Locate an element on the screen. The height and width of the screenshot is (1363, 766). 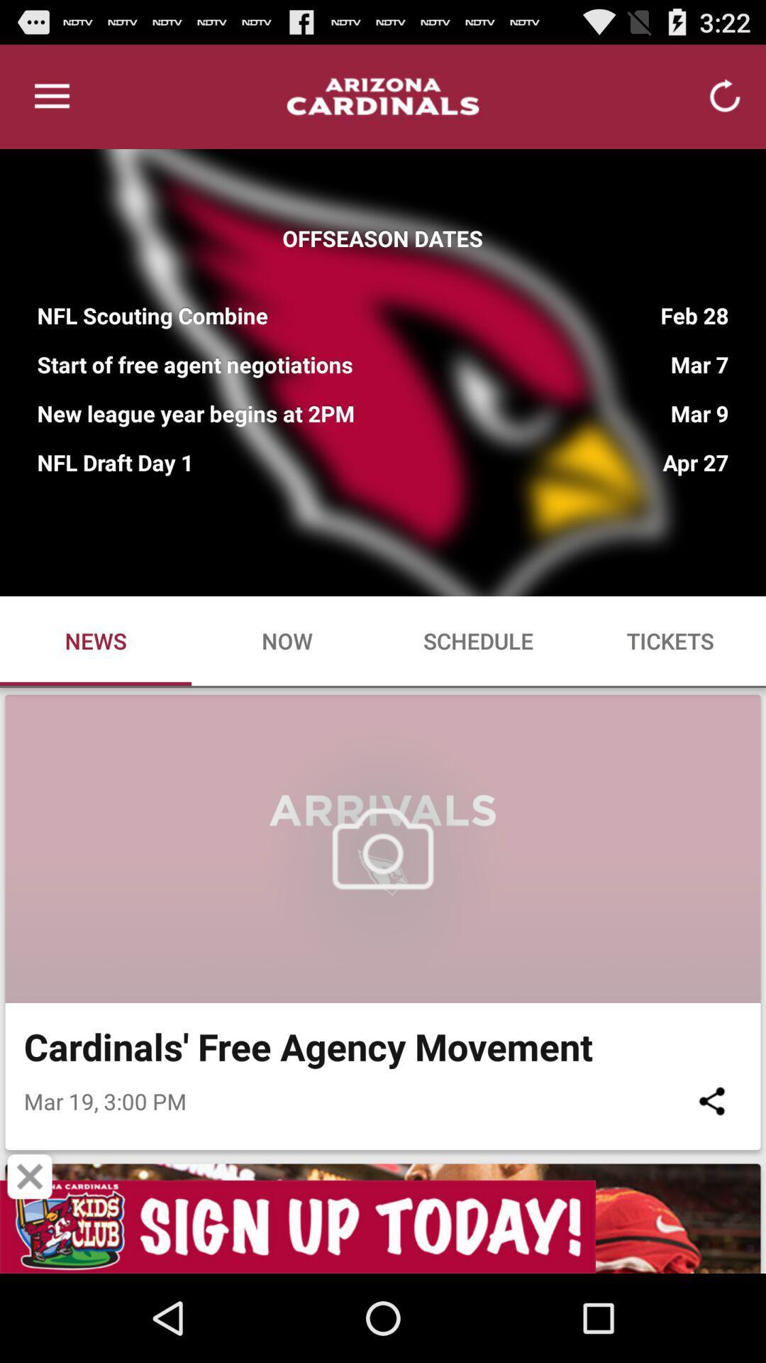
go do coulesd is located at coordinates (30, 1176).